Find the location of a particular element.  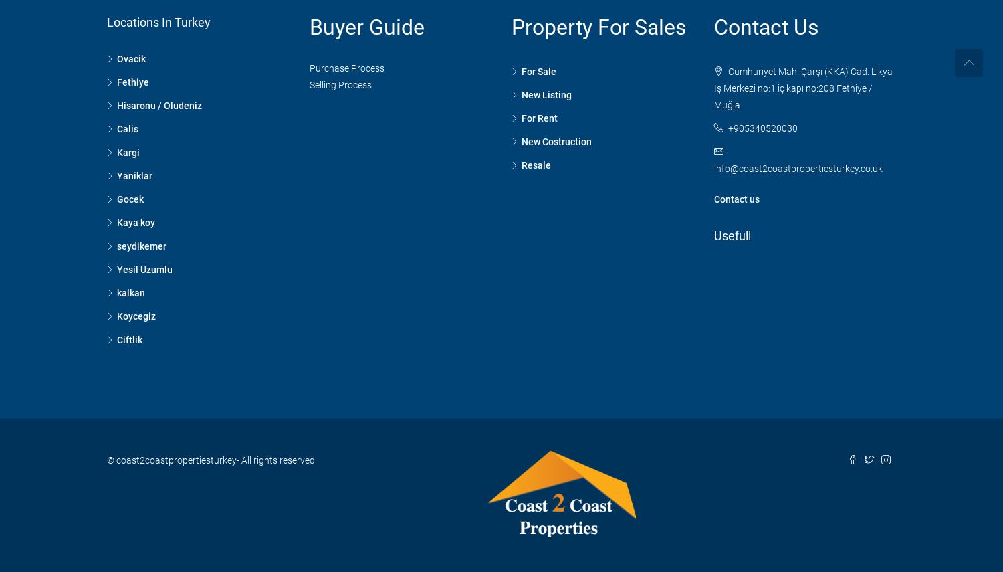

'info@coast2coastpropertiesturkey.co.uk' is located at coordinates (796, 167).